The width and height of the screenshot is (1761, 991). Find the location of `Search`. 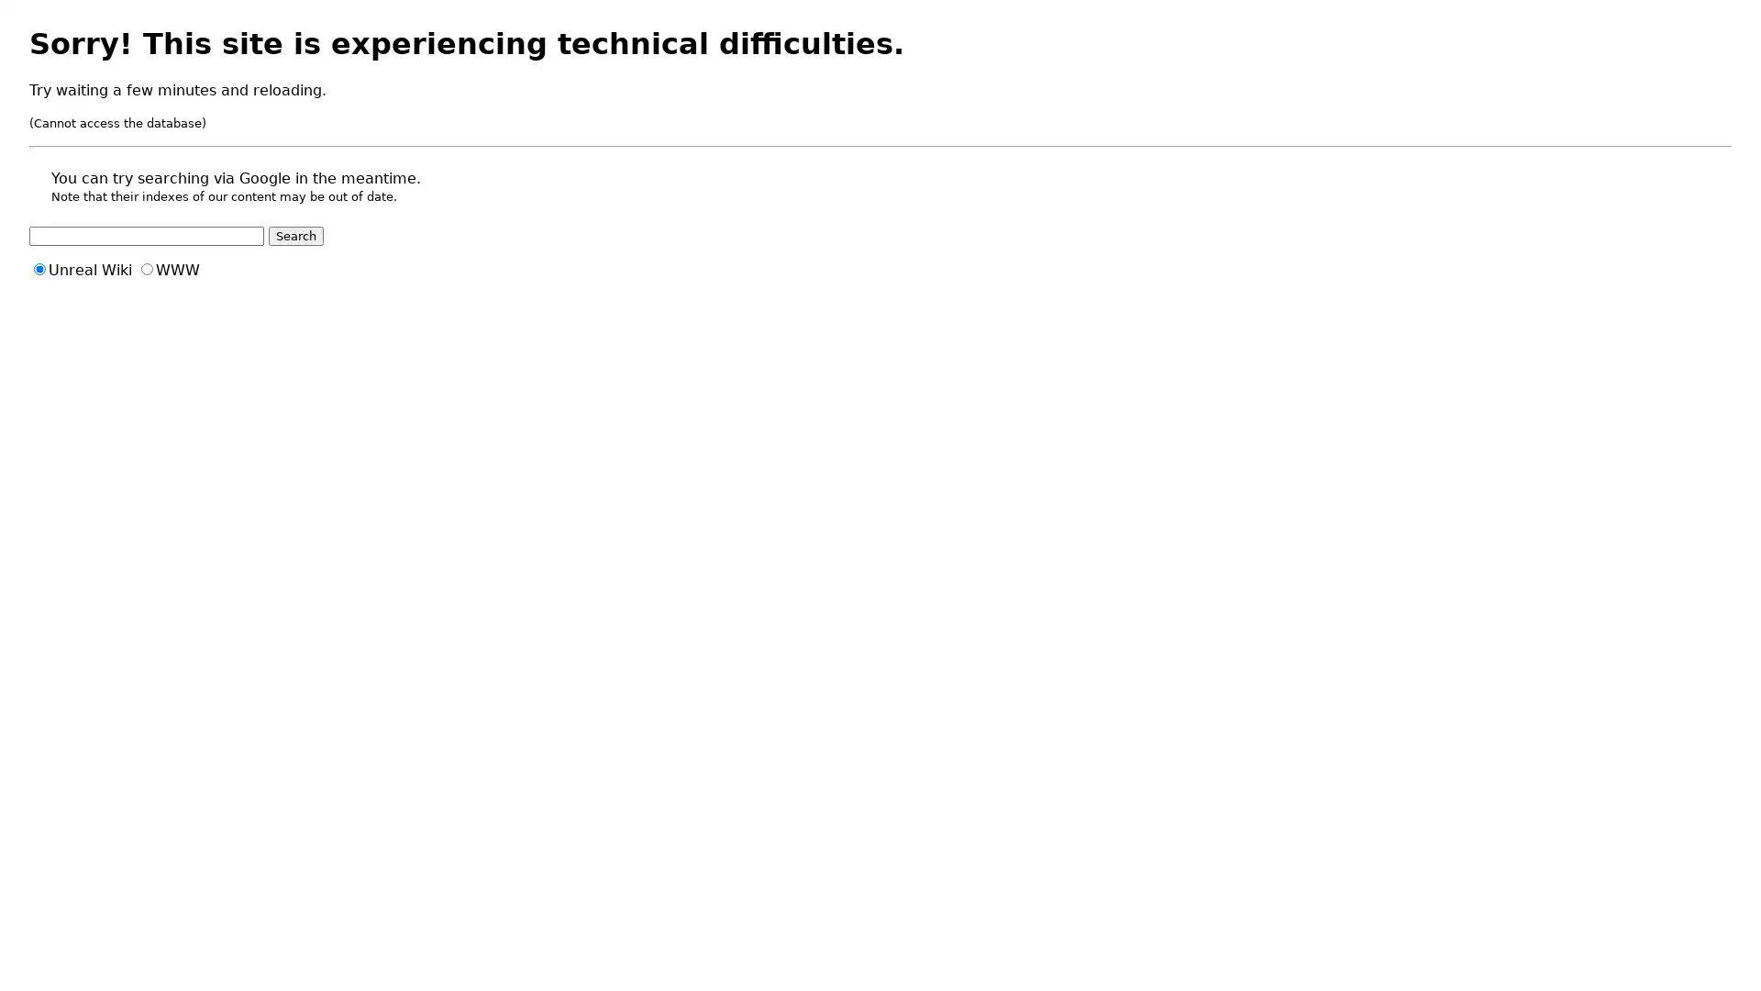

Search is located at coordinates (295, 234).